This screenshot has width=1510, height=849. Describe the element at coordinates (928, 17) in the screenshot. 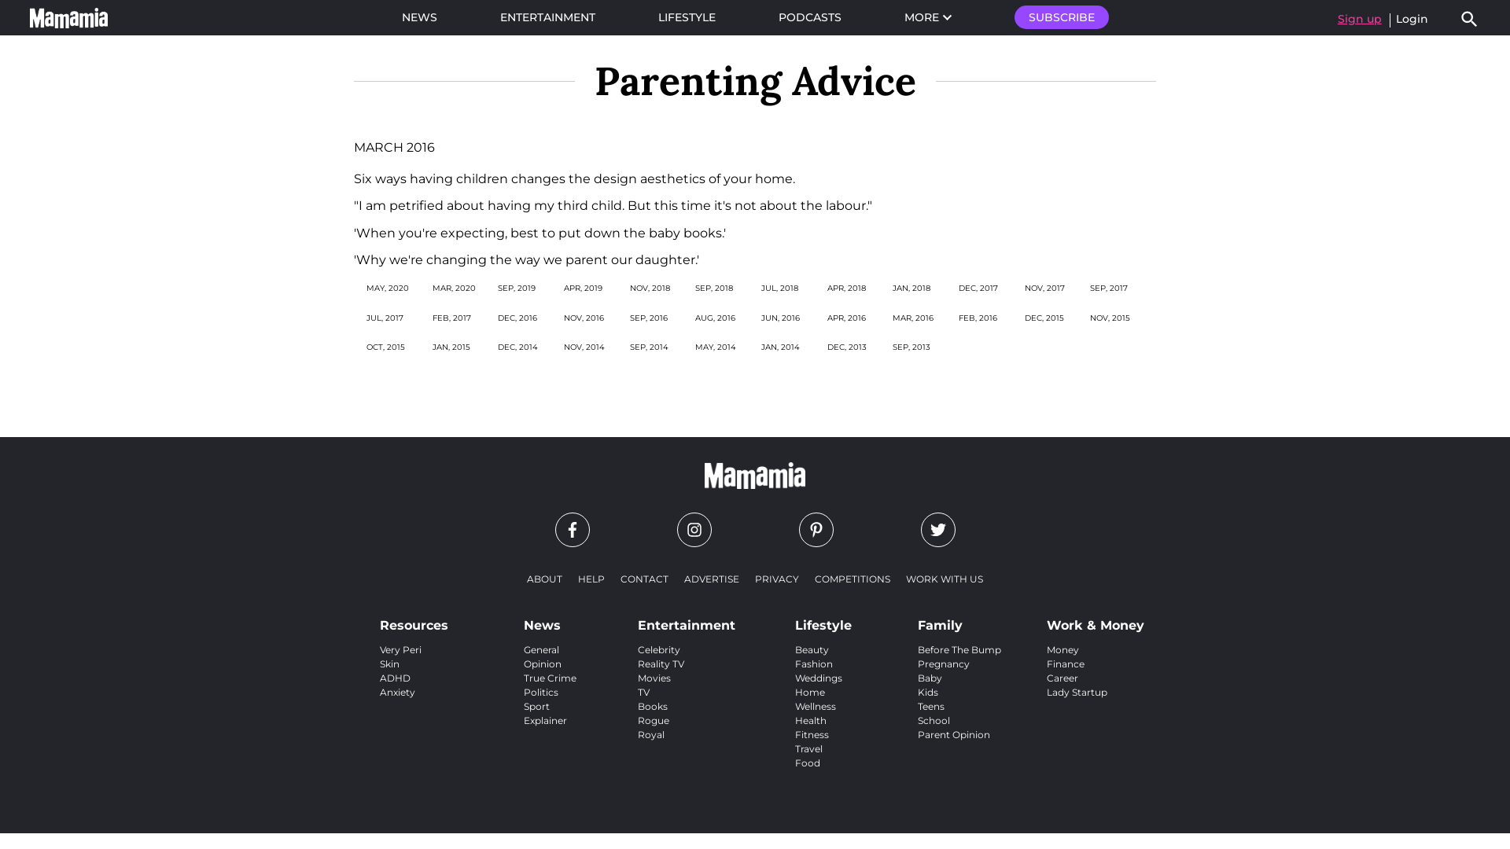

I see `'MORE'` at that location.